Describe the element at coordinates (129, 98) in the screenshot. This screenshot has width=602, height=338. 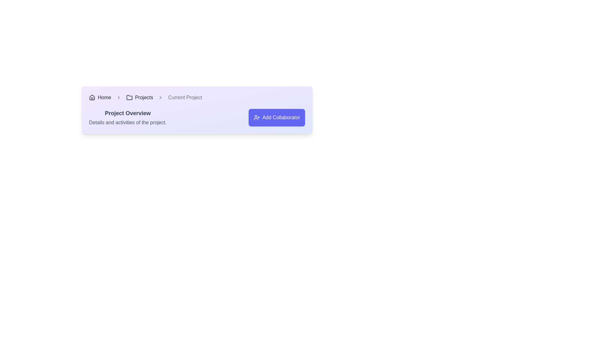
I see `the folder icon located in the breadcrumb navigation bar, which is the first sibling component to the left of the 'Projects' label` at that location.